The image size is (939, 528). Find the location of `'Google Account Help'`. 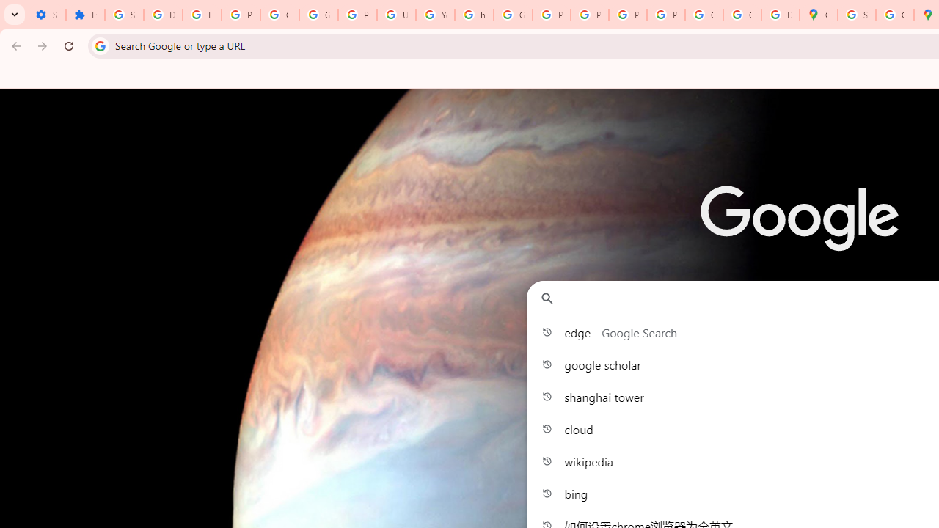

'Google Account Help' is located at coordinates (318, 15).